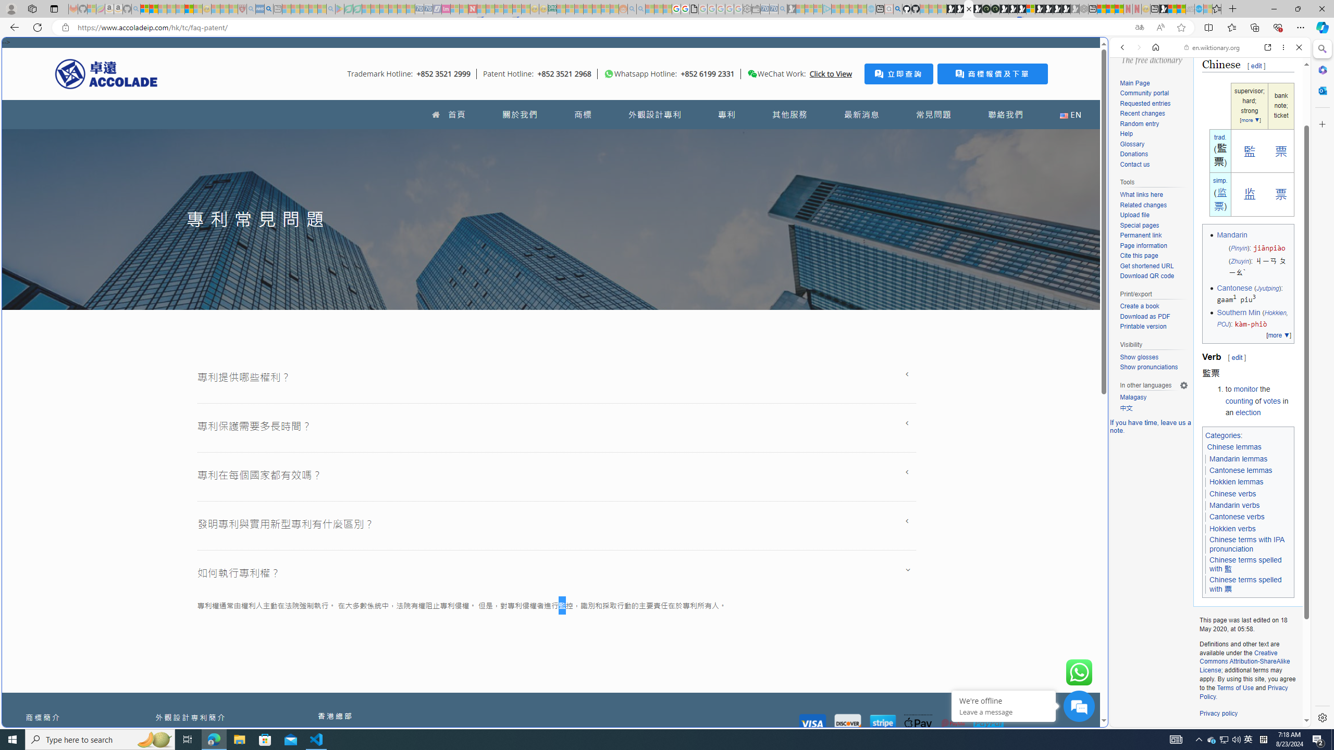  What do you see at coordinates (446, 8) in the screenshot?
I see `'Jobs - lastminute.com Investor Portal - Sleeping'` at bounding box center [446, 8].